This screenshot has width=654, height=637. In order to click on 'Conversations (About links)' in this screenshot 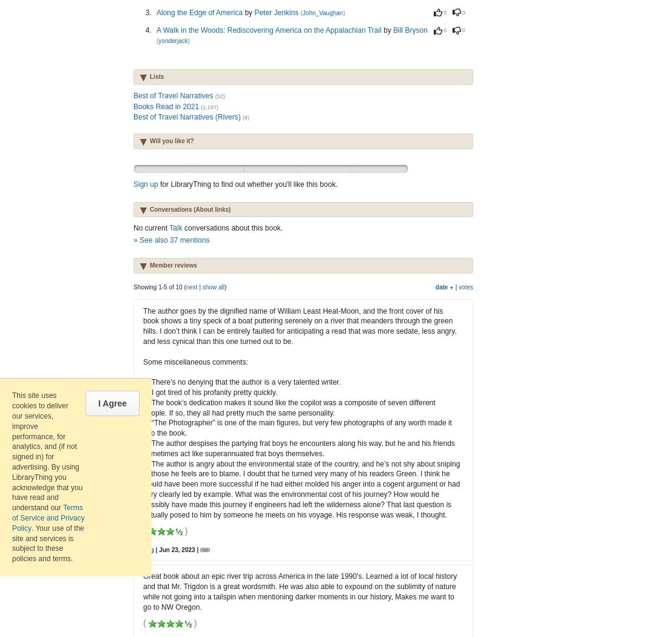, I will do `click(189, 208)`.